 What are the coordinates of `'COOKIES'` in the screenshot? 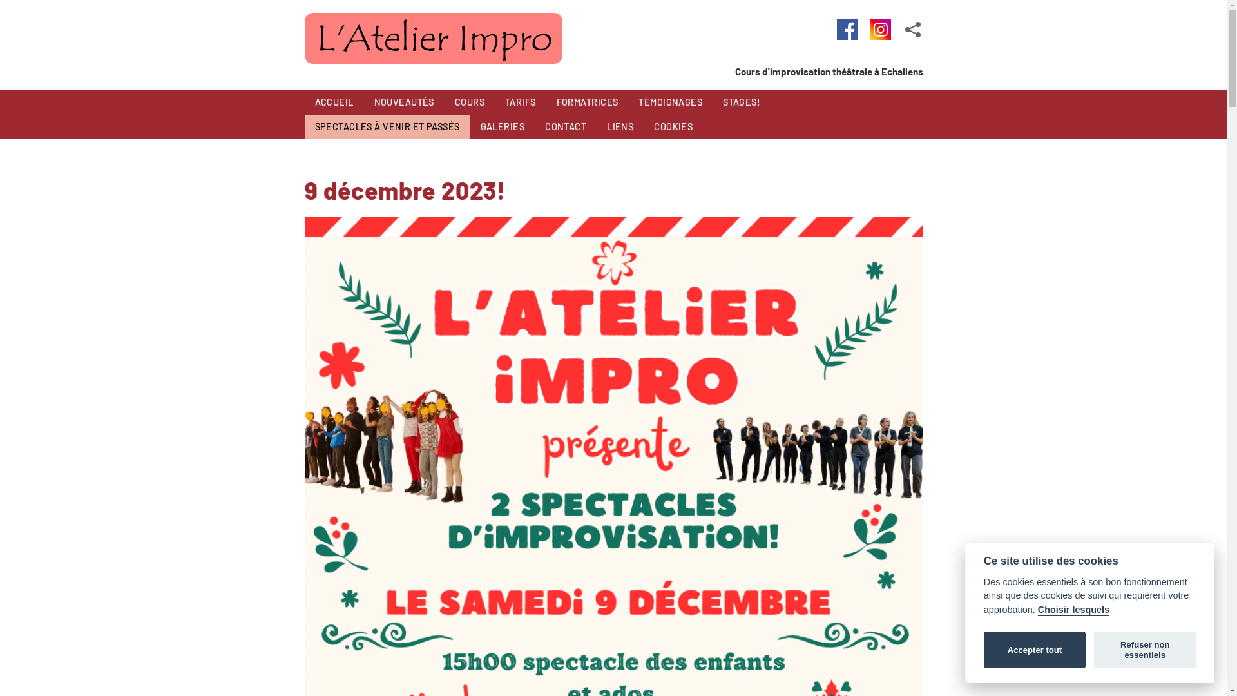 It's located at (673, 126).